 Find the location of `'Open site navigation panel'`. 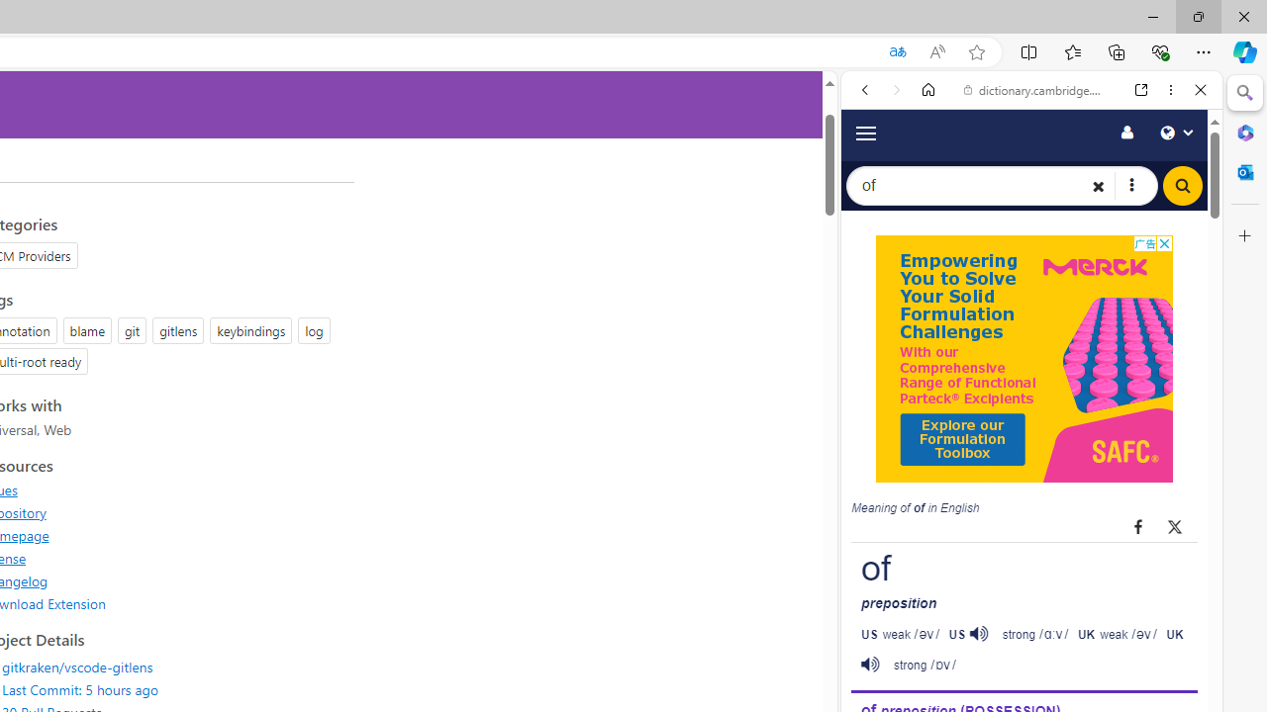

'Open site navigation panel' is located at coordinates (865, 132).